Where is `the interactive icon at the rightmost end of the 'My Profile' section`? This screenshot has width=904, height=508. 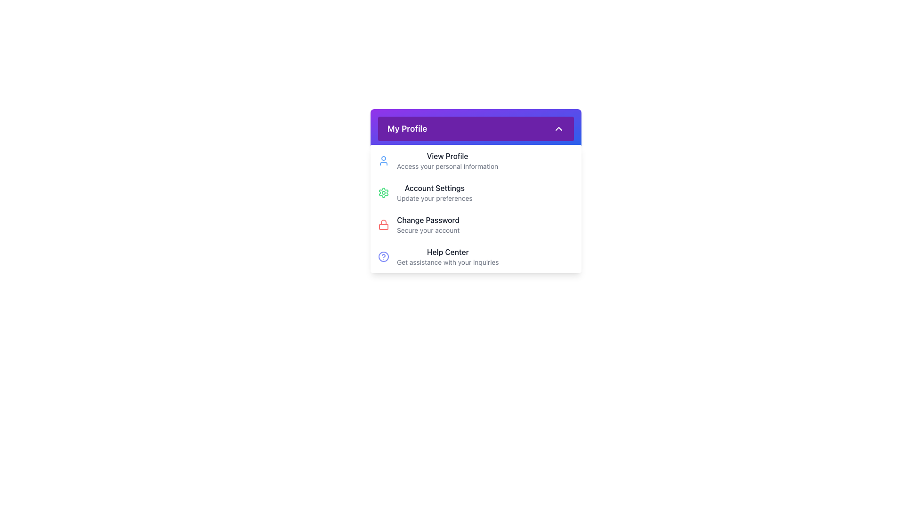 the interactive icon at the rightmost end of the 'My Profile' section is located at coordinates (558, 128).